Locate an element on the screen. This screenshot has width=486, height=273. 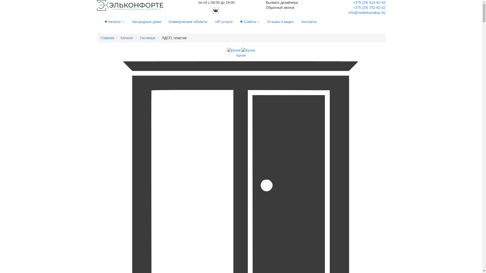
'info@mebelnazakaz.by' is located at coordinates (367, 12).